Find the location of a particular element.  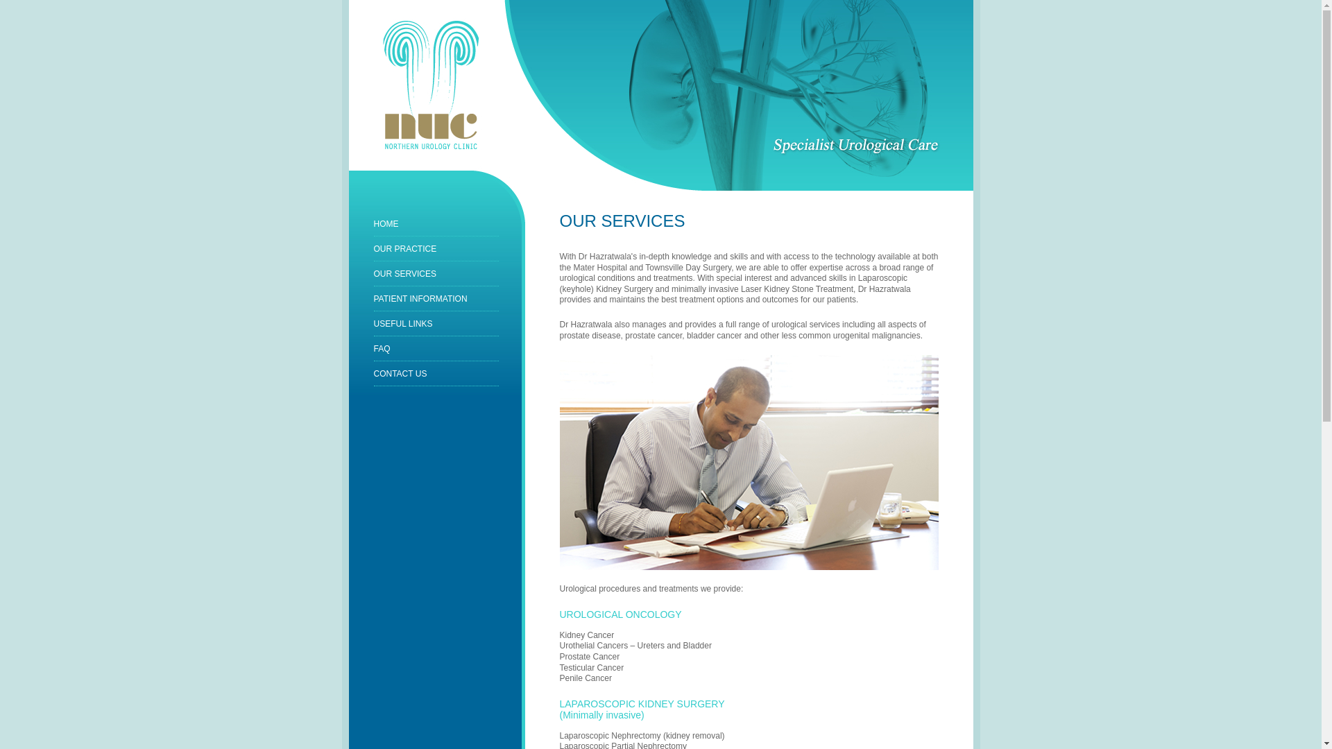

'FAQ' is located at coordinates (382, 347).